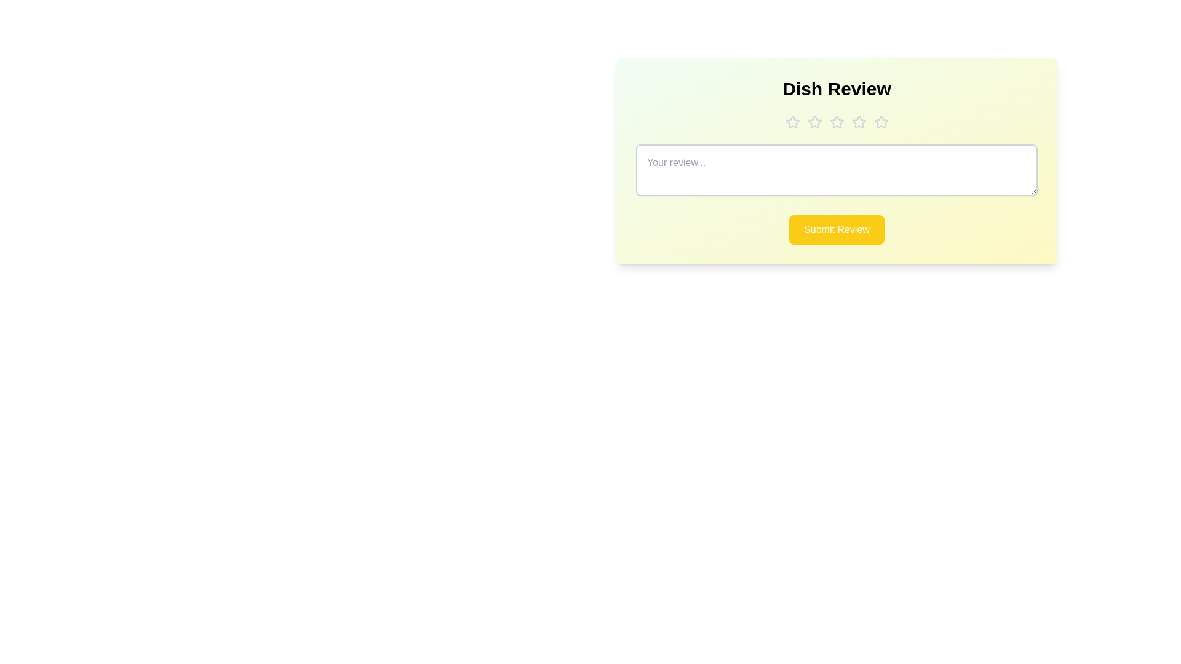 This screenshot has width=1181, height=664. What do you see at coordinates (814, 122) in the screenshot?
I see `the dish rating to 2 stars by clicking on the corresponding star` at bounding box center [814, 122].